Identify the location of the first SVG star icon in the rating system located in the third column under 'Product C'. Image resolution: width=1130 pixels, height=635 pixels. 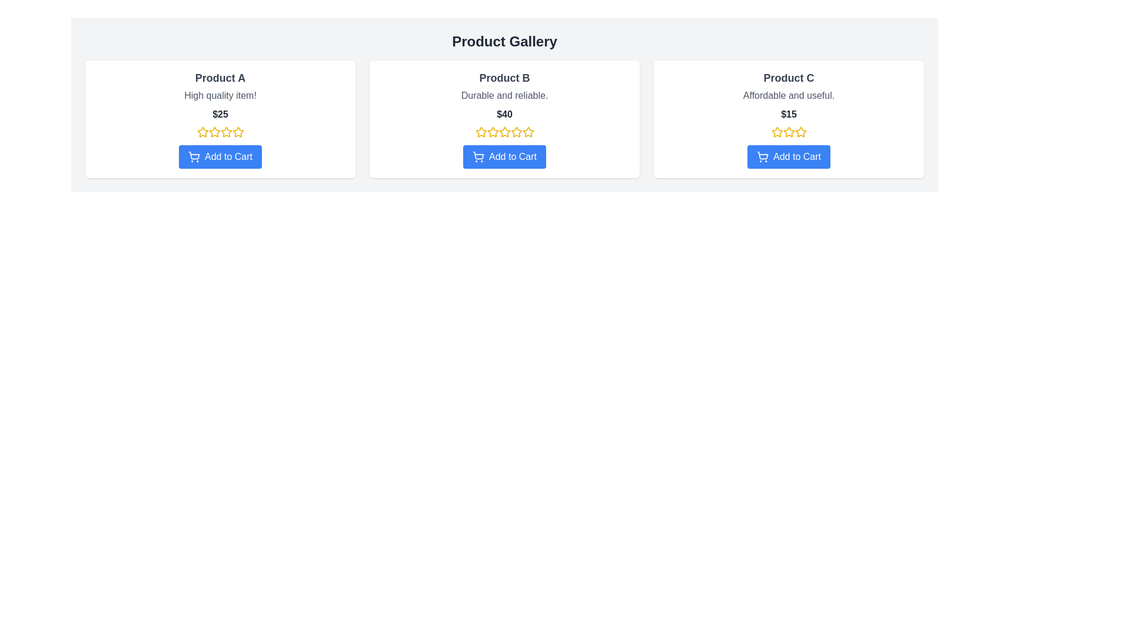
(777, 132).